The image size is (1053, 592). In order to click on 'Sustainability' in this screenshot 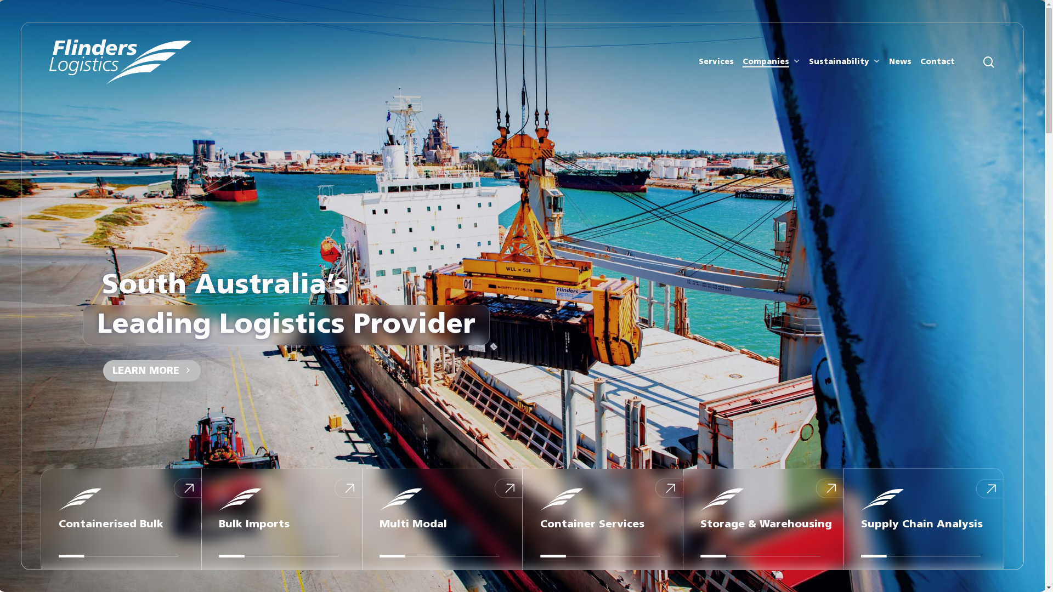, I will do `click(808, 61)`.